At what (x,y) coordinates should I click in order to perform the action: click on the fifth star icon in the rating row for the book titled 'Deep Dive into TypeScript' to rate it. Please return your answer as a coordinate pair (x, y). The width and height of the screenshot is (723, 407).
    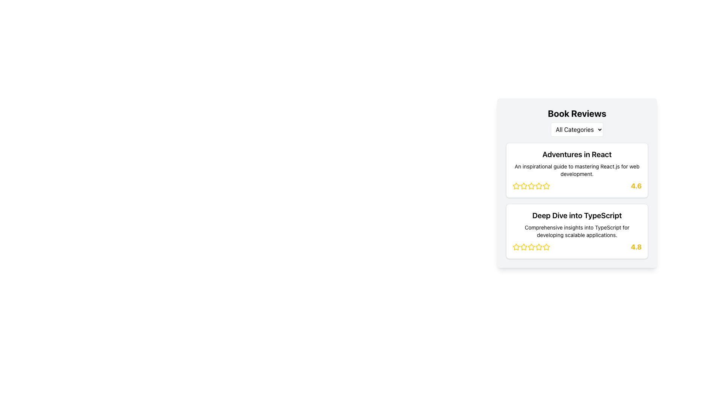
    Looking at the image, I should click on (531, 247).